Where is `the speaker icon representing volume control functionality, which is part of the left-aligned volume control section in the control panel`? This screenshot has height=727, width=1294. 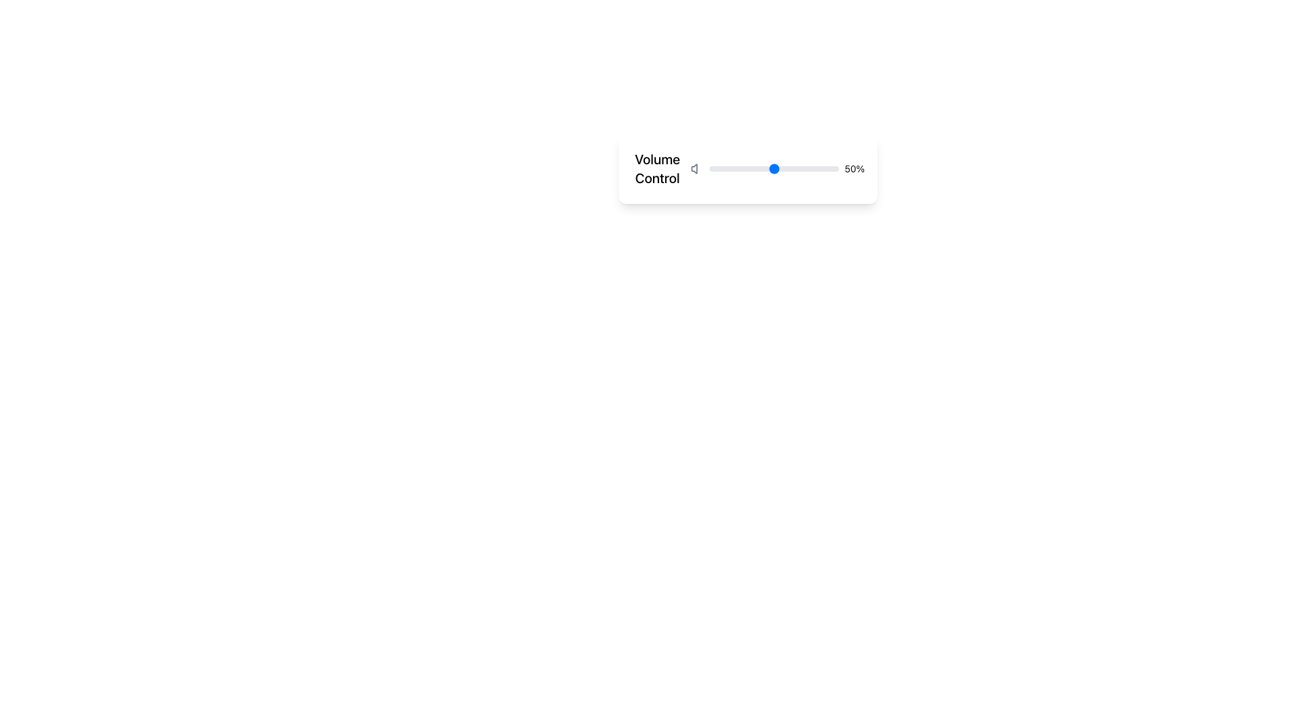
the speaker icon representing volume control functionality, which is part of the left-aligned volume control section in the control panel is located at coordinates (694, 168).